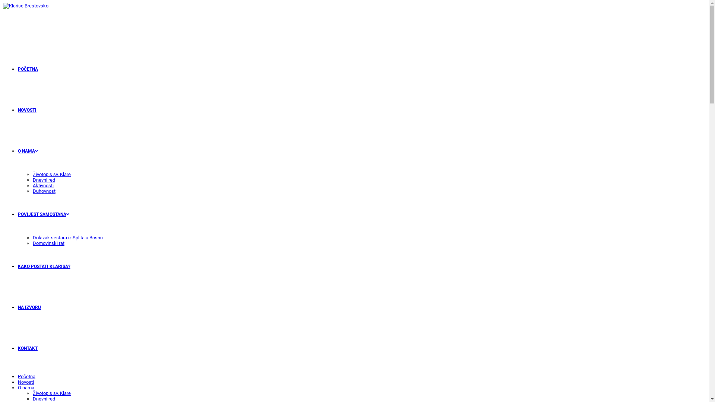 The width and height of the screenshot is (715, 402). I want to click on 'Aktivnosti', so click(42, 185).